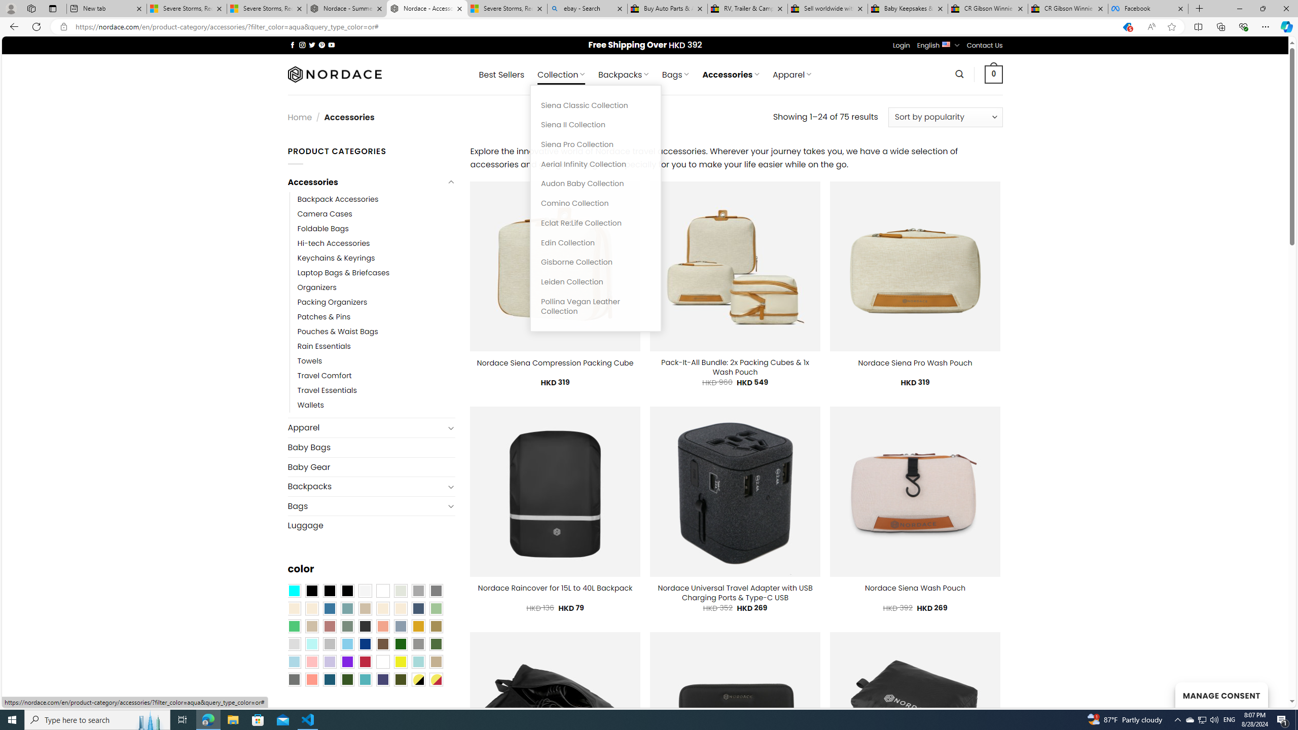 This screenshot has width=1298, height=730. What do you see at coordinates (401, 626) in the screenshot?
I see `'Dusty Blue'` at bounding box center [401, 626].